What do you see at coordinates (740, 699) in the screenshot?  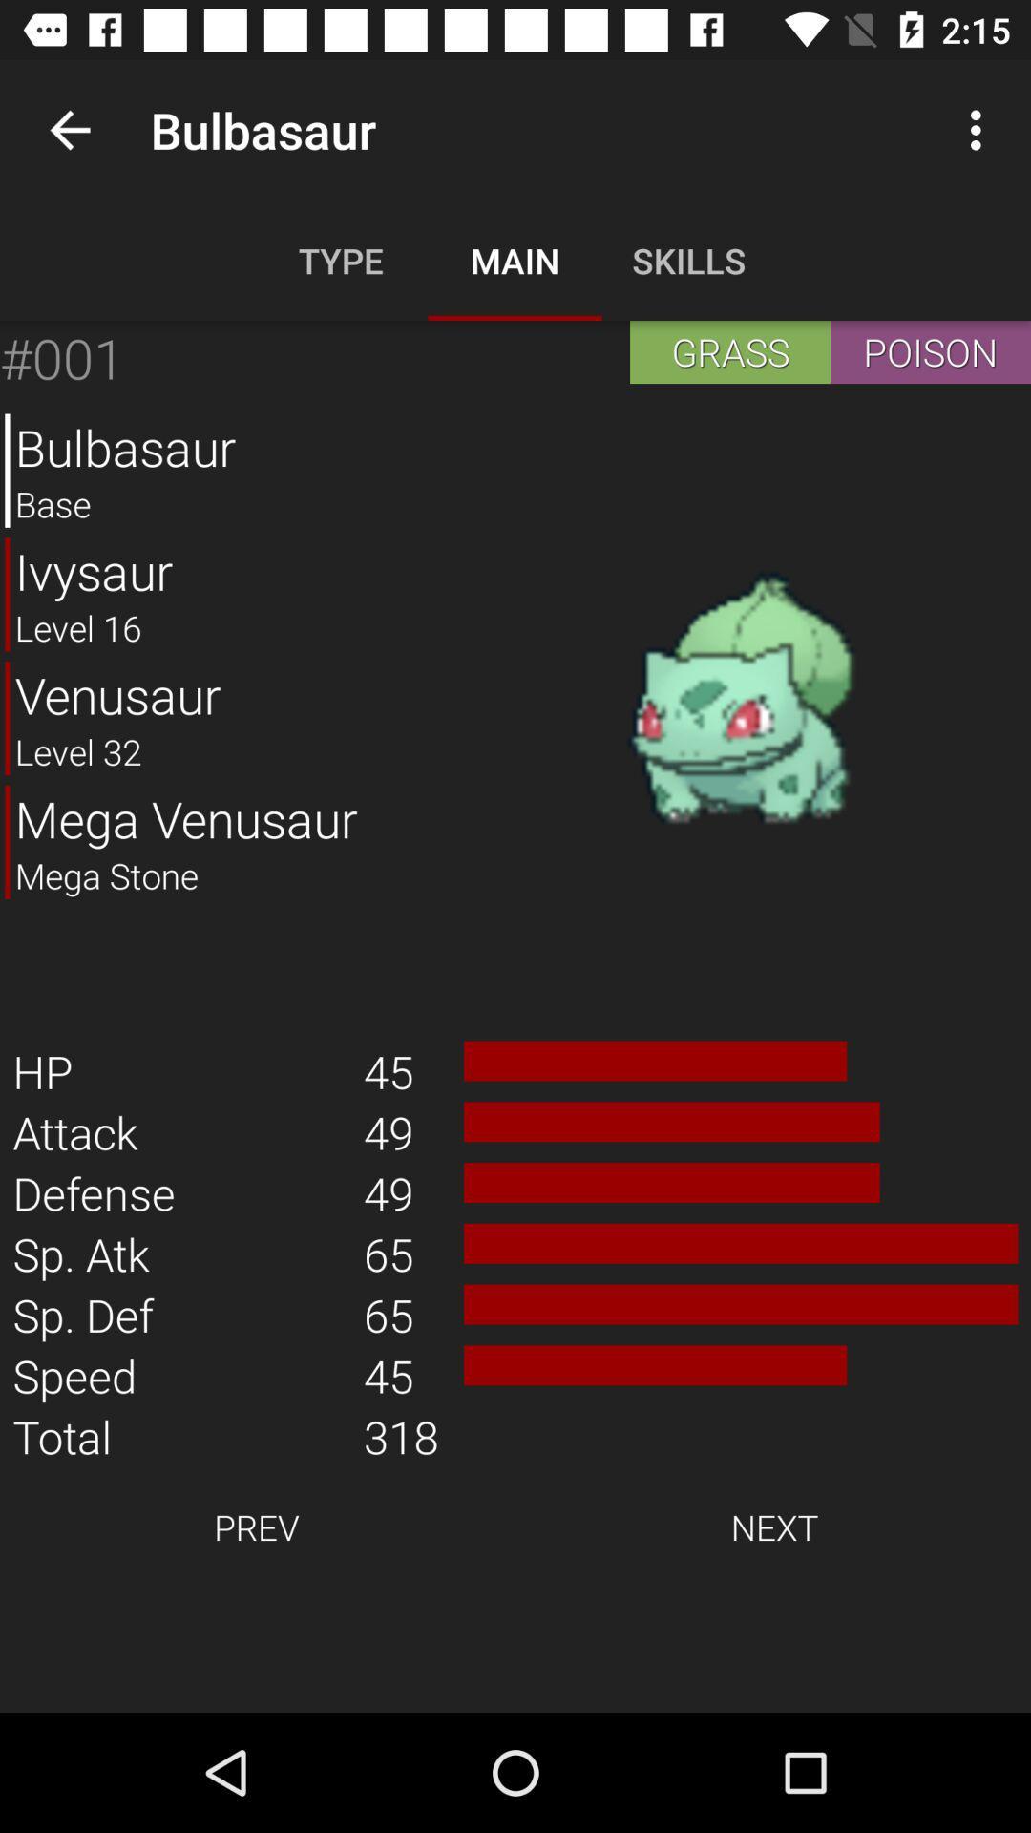 I see `the icon to the right of the bulbasaur item` at bounding box center [740, 699].